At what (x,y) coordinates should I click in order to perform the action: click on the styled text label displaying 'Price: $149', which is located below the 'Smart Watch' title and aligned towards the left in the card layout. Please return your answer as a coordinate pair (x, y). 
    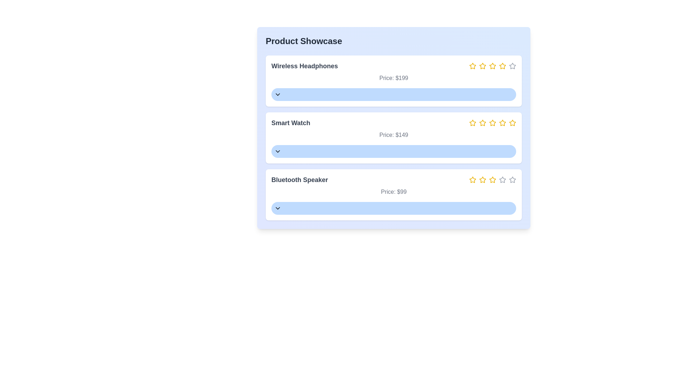
    Looking at the image, I should click on (393, 135).